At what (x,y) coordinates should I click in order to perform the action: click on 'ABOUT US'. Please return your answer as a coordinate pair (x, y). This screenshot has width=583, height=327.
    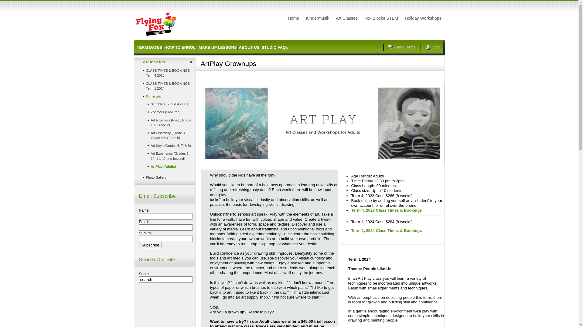
    Looking at the image, I should click on (249, 47).